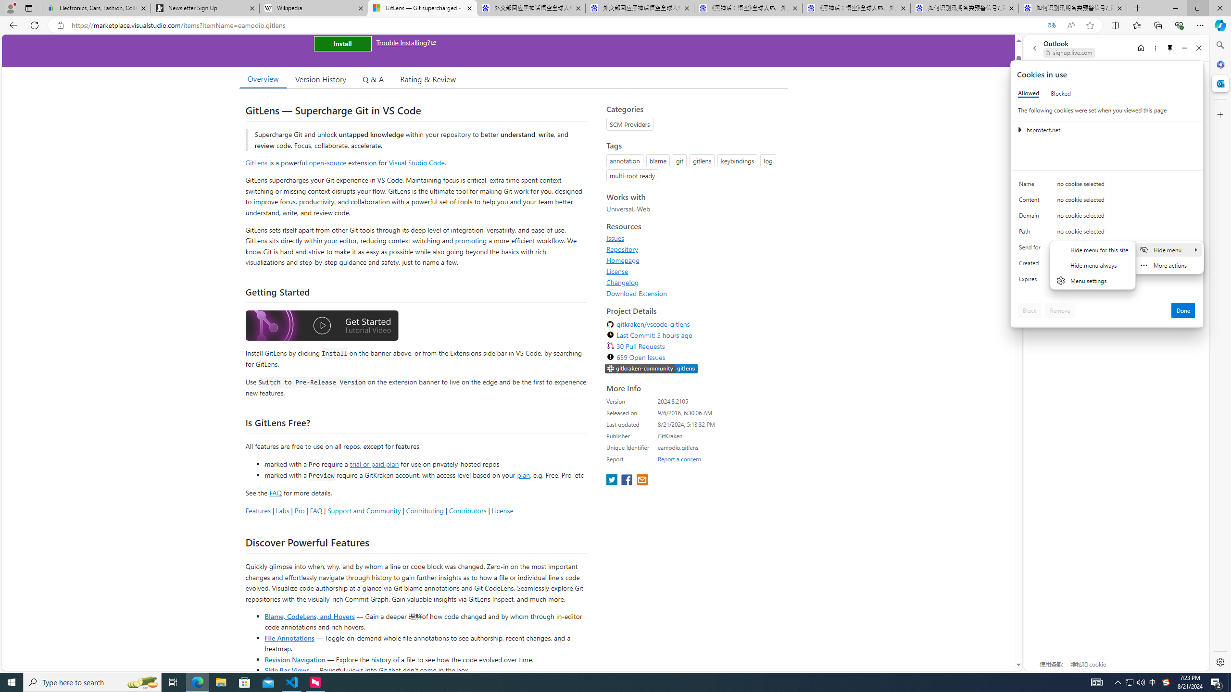 This screenshot has width=1231, height=692. I want to click on 'Name', so click(1031, 185).